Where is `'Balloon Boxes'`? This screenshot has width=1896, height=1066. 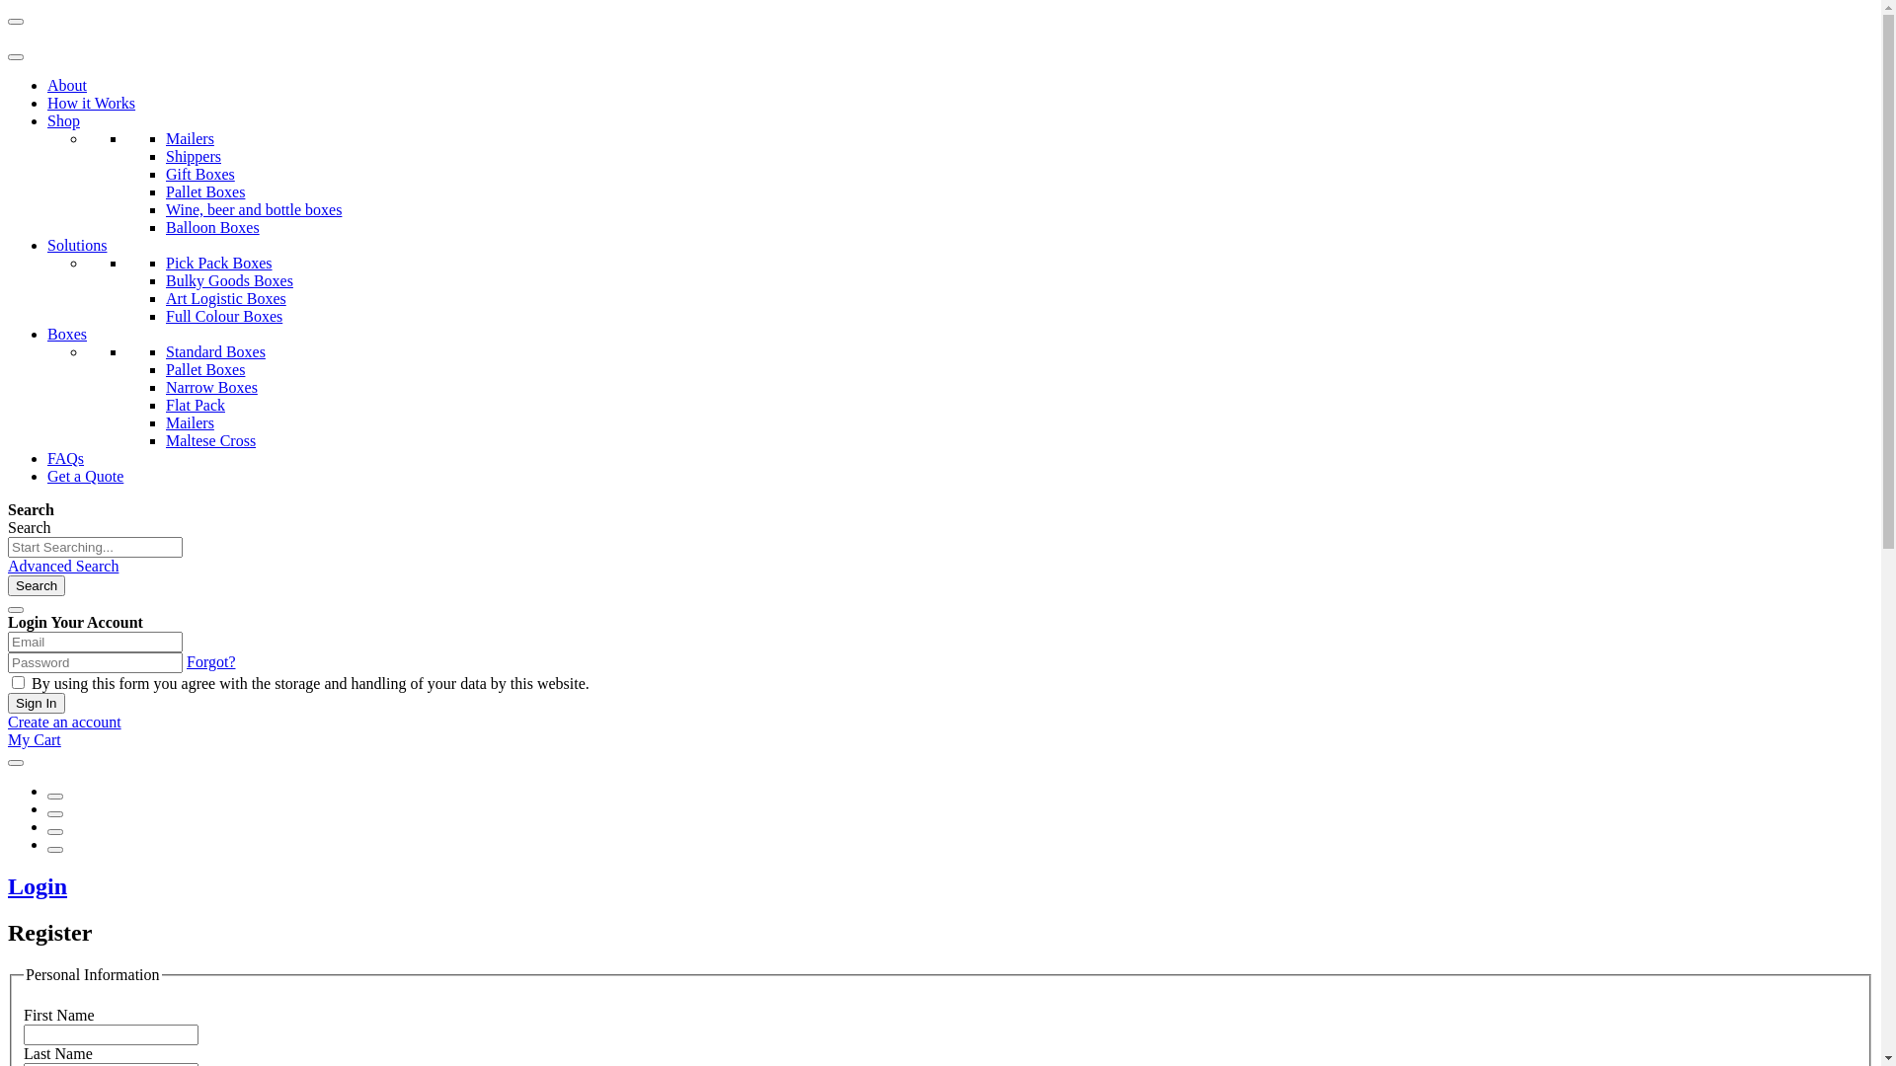 'Balloon Boxes' is located at coordinates (212, 226).